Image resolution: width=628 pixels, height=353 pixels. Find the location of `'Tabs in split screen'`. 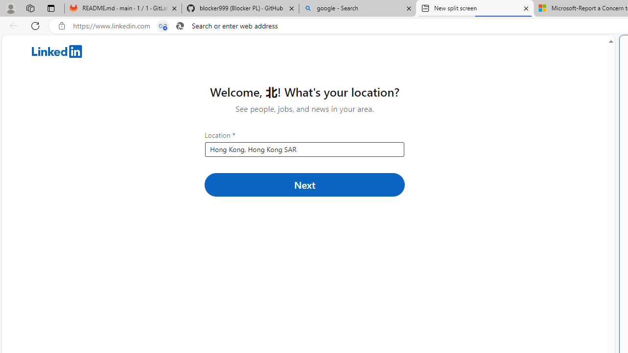

'Tabs in split screen' is located at coordinates (163, 25).